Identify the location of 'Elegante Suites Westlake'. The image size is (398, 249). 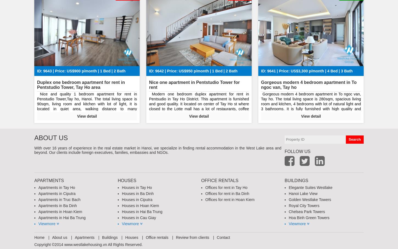
(288, 187).